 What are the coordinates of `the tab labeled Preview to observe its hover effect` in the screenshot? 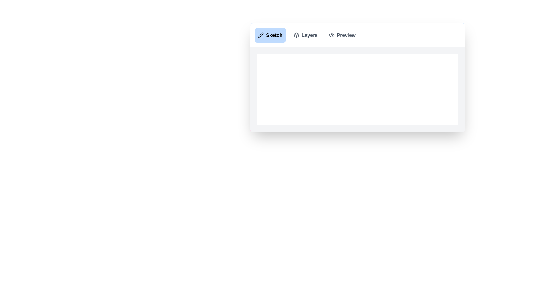 It's located at (342, 35).